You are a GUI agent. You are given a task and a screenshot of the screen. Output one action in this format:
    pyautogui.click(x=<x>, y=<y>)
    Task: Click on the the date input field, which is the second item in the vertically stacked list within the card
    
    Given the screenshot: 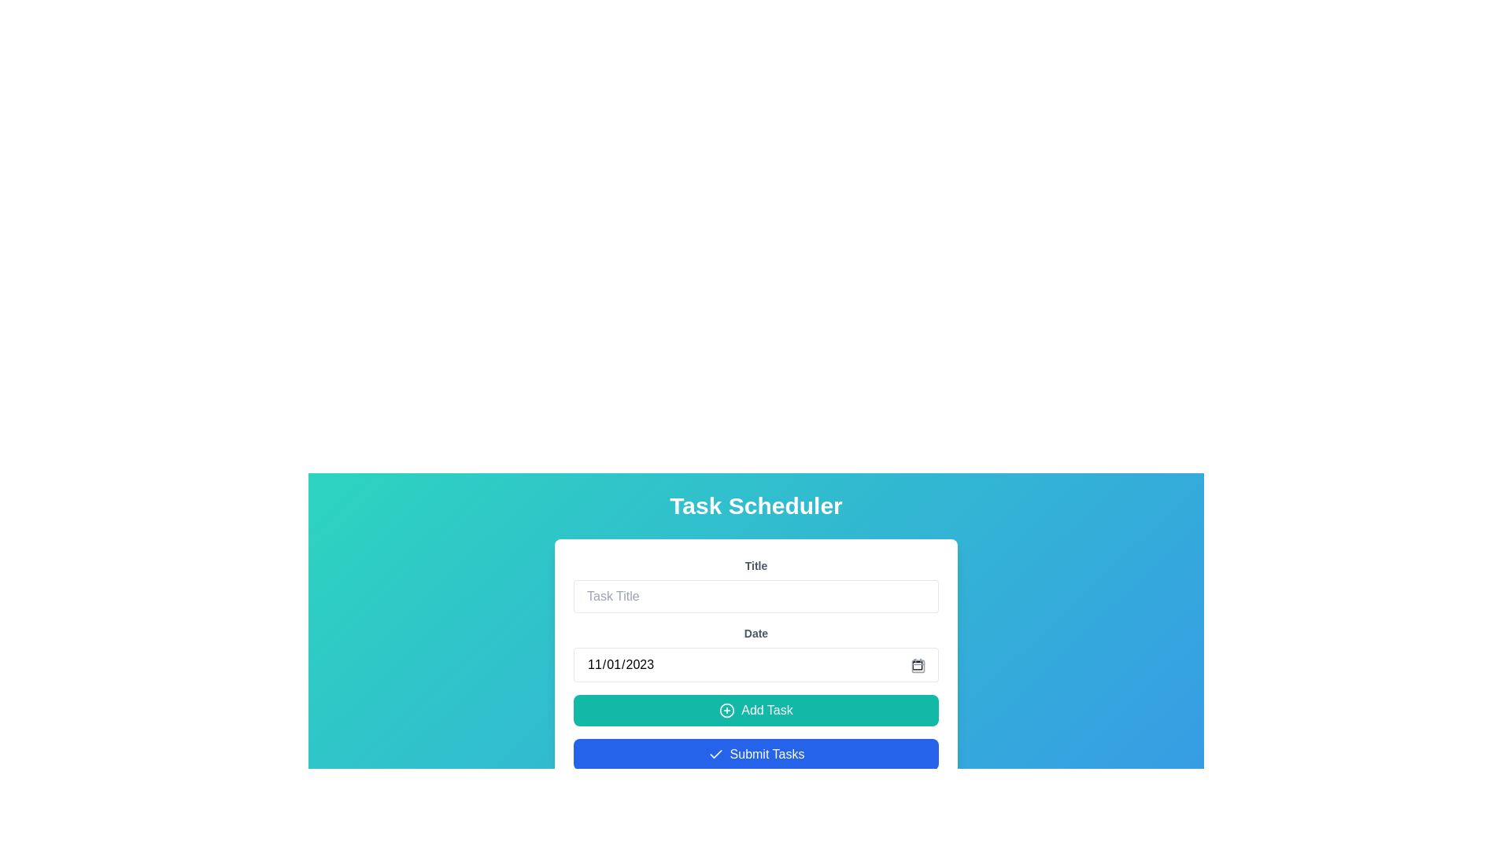 What is the action you would take?
    pyautogui.click(x=755, y=654)
    